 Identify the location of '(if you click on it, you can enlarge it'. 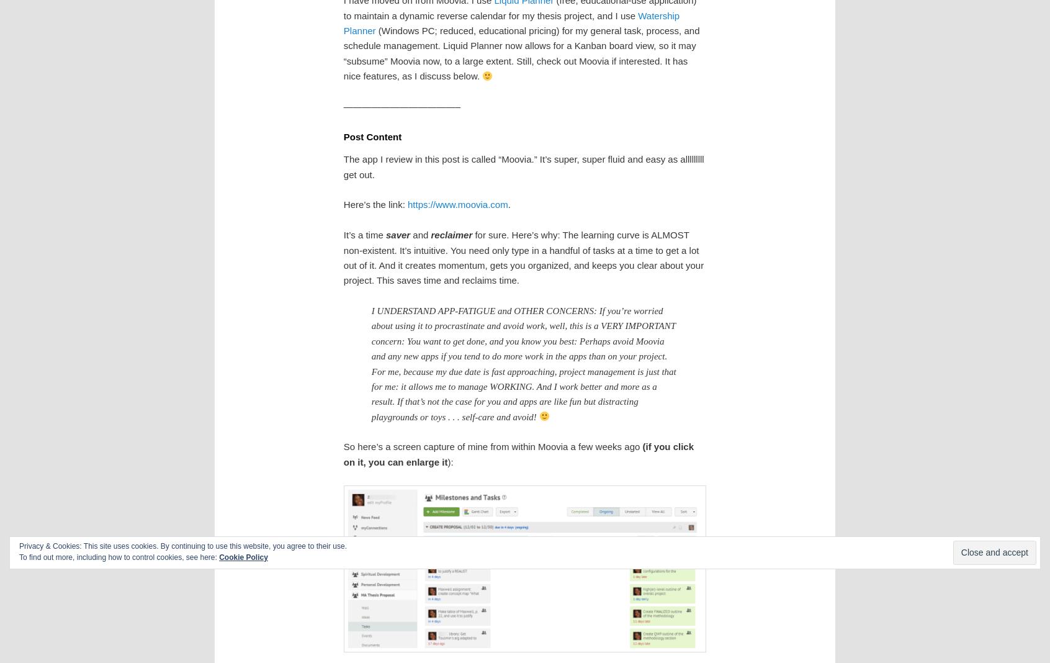
(518, 454).